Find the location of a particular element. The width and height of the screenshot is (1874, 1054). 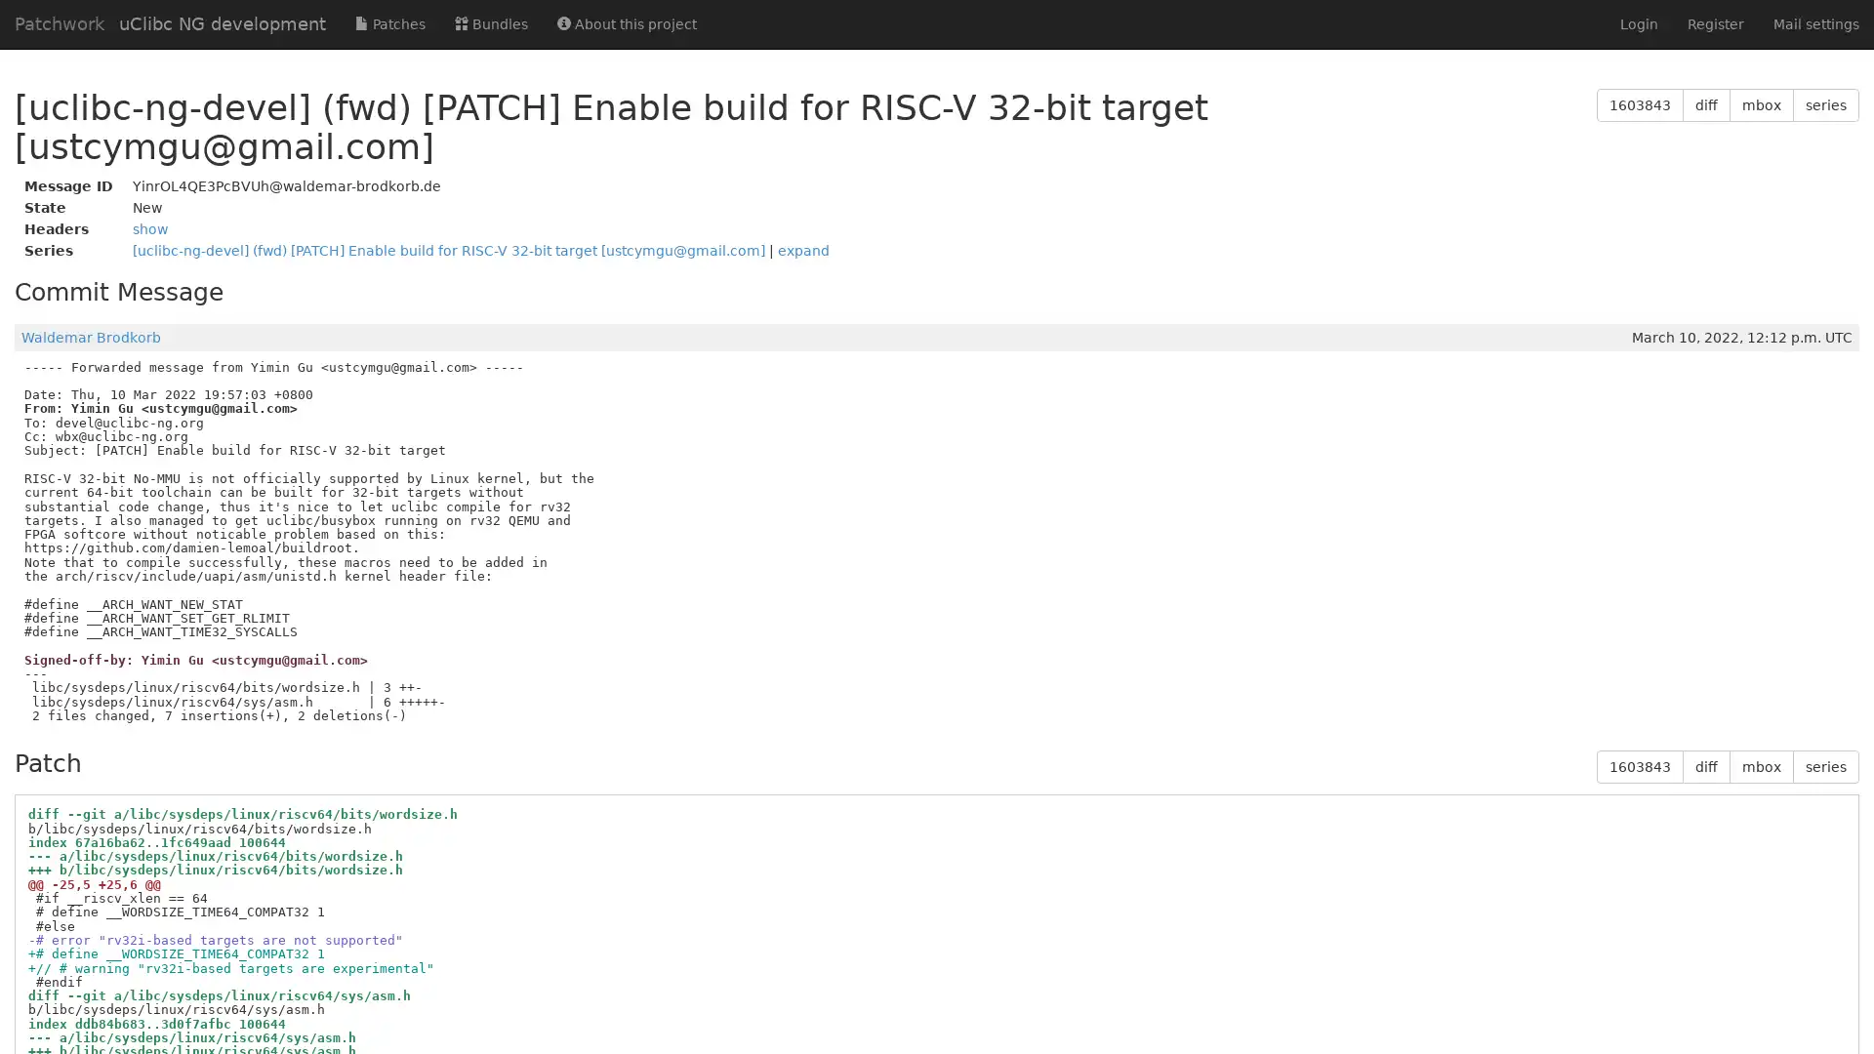

1603843 is located at coordinates (1640, 105).